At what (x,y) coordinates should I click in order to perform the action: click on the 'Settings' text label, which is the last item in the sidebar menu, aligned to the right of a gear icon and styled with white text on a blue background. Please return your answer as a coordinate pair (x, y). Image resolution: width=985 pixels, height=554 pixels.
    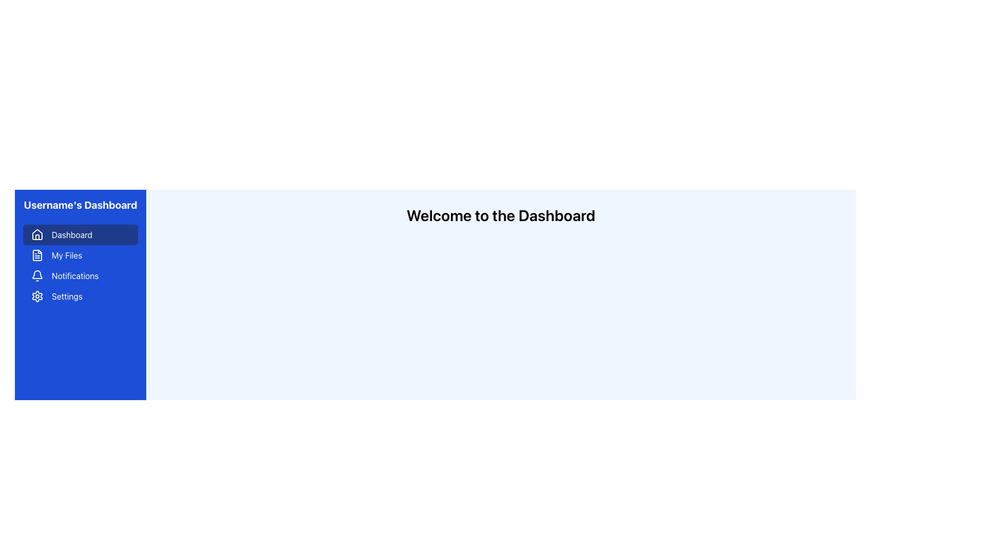
    Looking at the image, I should click on (66, 296).